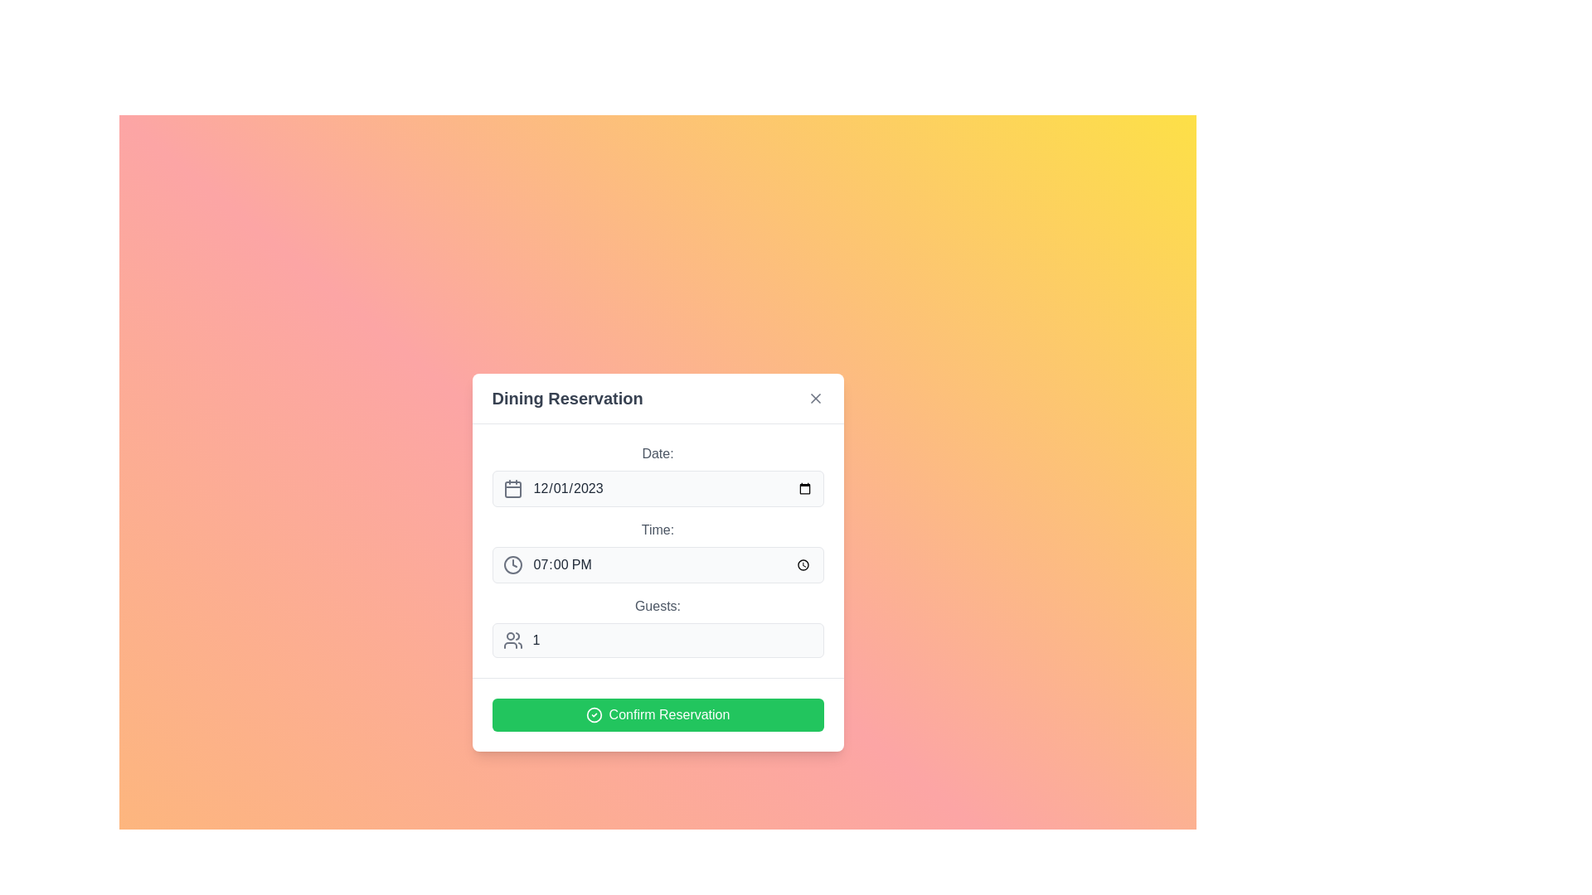 The height and width of the screenshot is (895, 1592). Describe the element at coordinates (512, 564) in the screenshot. I see `the circular clock icon with a gray border, which is positioned to the left of the 'Time:' text field` at that location.